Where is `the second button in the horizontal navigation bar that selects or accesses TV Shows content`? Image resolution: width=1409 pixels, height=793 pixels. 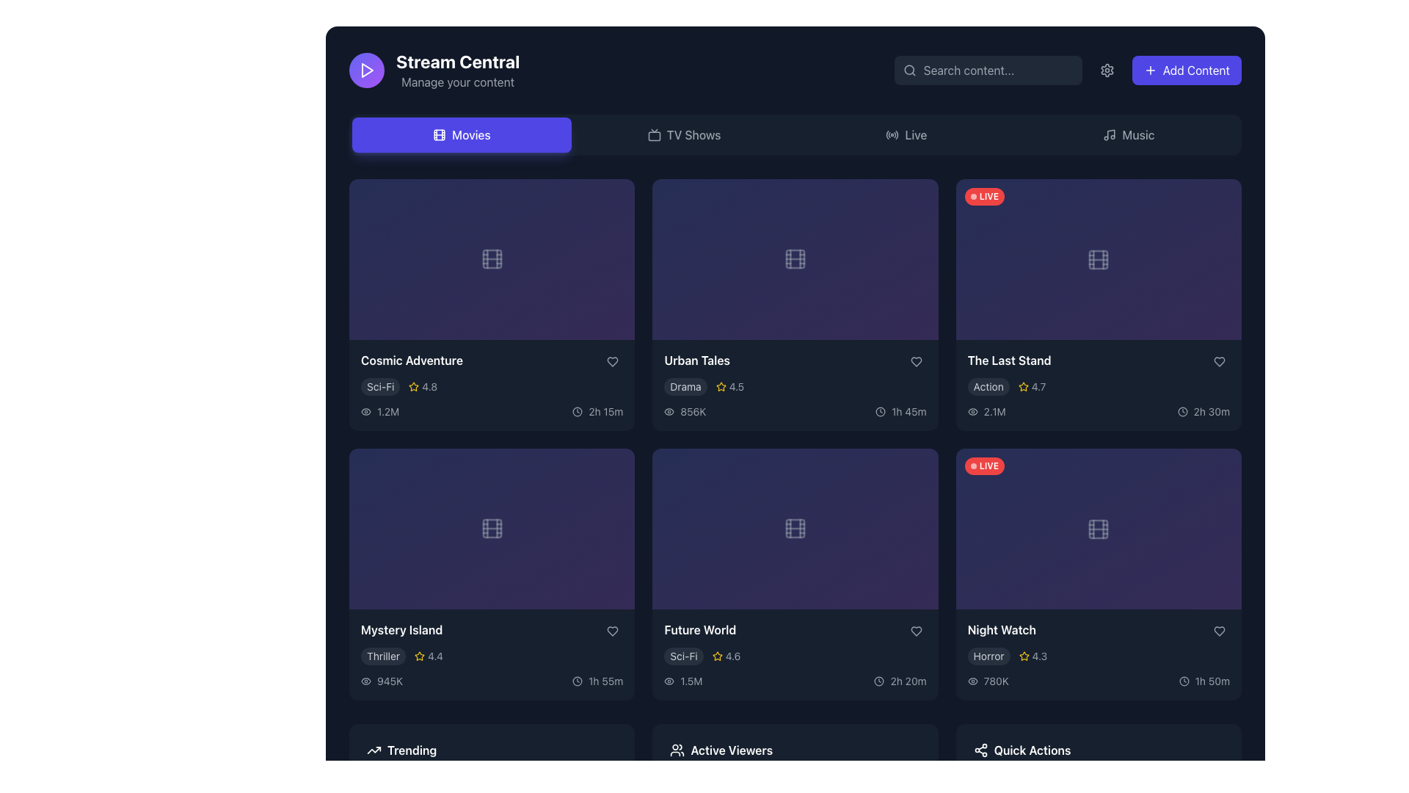
the second button in the horizontal navigation bar that selects or accesses TV Shows content is located at coordinates (683, 135).